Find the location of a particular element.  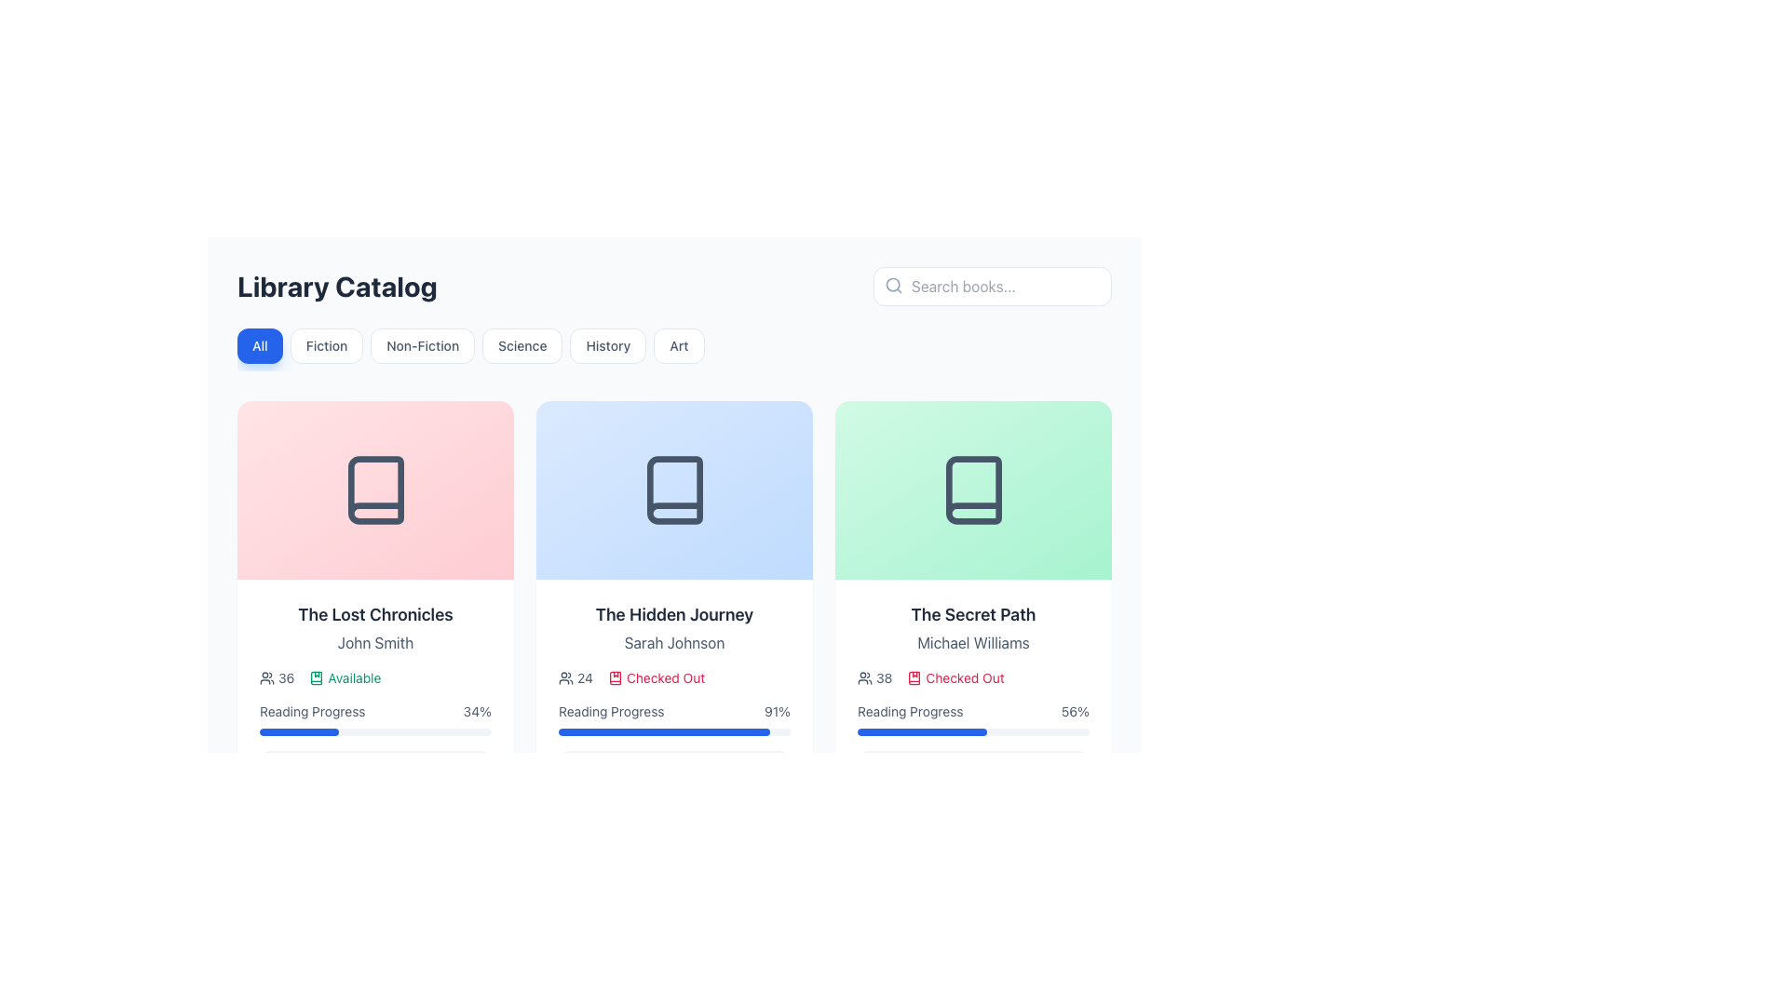

the search bar icon located on the leftmost side of the input field, which provides context for the 'Search books...' placeholder text is located at coordinates (894, 286).